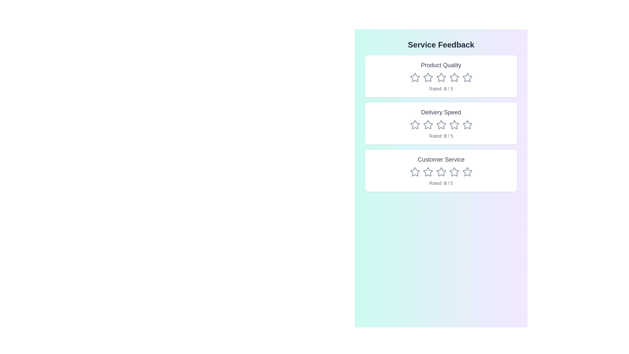 The height and width of the screenshot is (354, 629). What do you see at coordinates (441, 77) in the screenshot?
I see `the rating for the category Product Quality to 3 stars` at bounding box center [441, 77].